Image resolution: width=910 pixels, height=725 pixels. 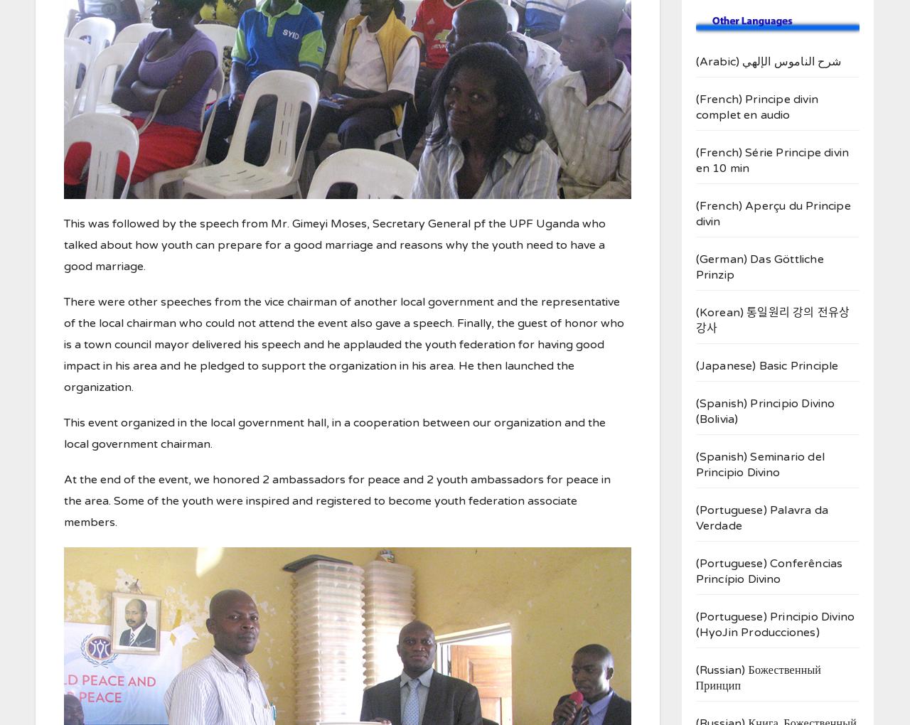 What do you see at coordinates (63, 244) in the screenshot?
I see `'This was followed by the speech from Mr. Gimeyi Moses, Secretary General pf the UPF Uganda who talked about how youth can prepare for a good marriage and reasons why the youth need to have a good marriage.'` at bounding box center [63, 244].